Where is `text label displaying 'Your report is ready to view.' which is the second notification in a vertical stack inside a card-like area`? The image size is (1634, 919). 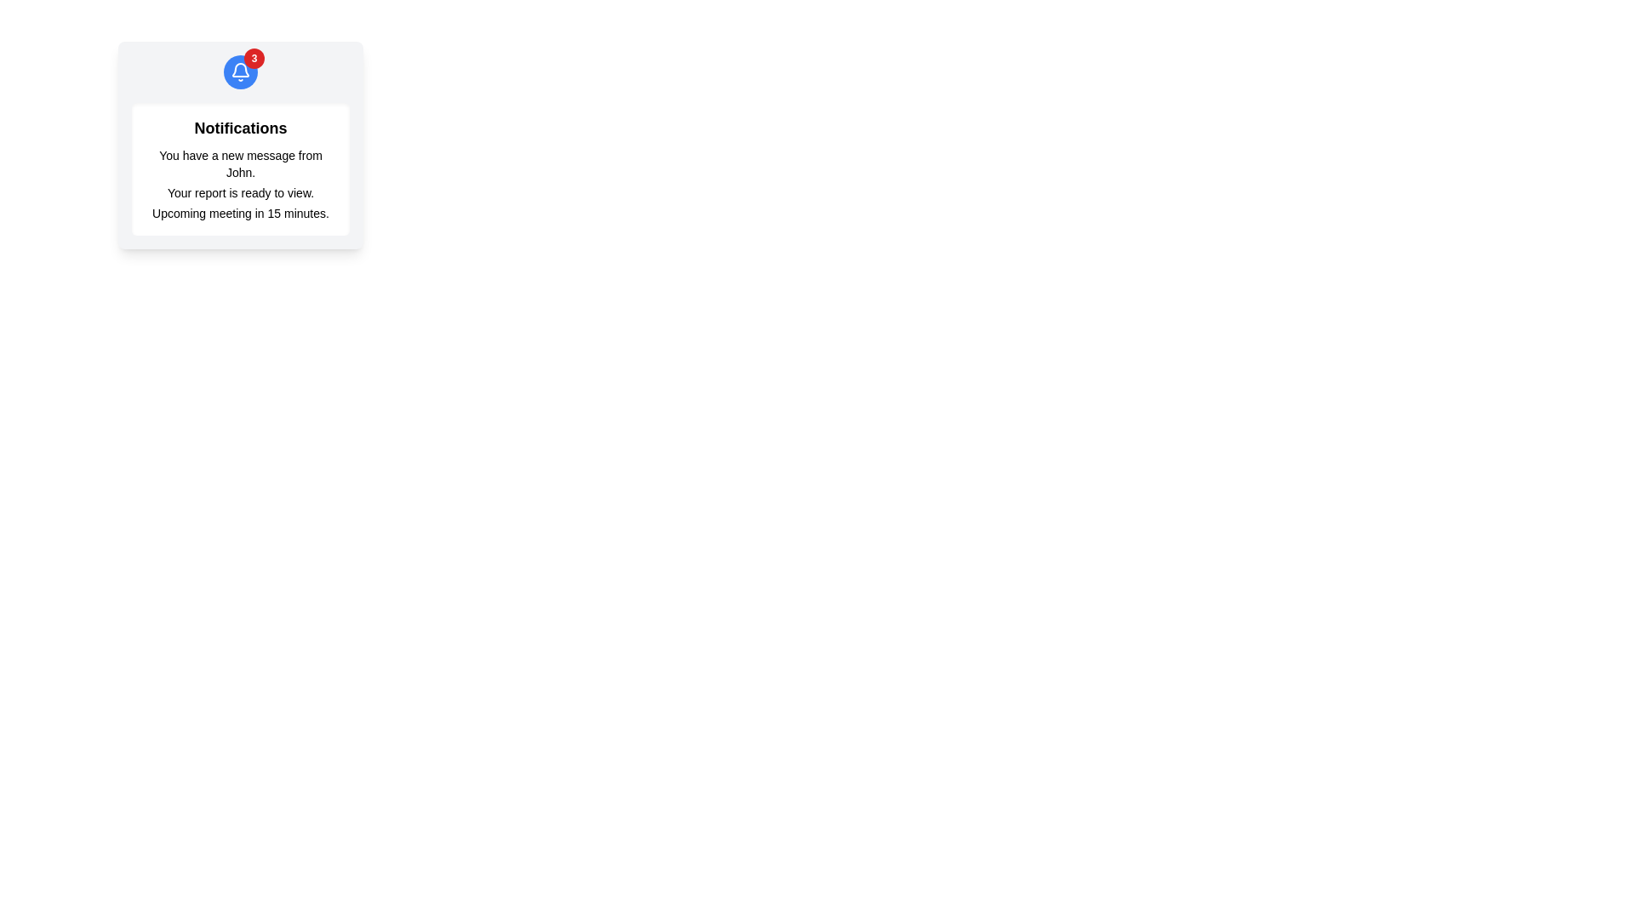
text label displaying 'Your report is ready to view.' which is the second notification in a vertical stack inside a card-like area is located at coordinates (240, 192).